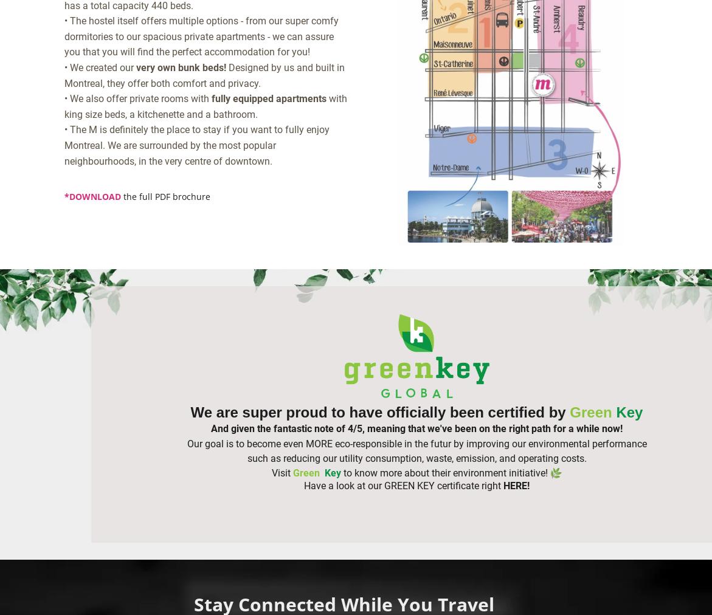 The width and height of the screenshot is (712, 615). I want to click on 'Designed by us and built in Montreal, they offer both comfort and privacy.', so click(204, 74).